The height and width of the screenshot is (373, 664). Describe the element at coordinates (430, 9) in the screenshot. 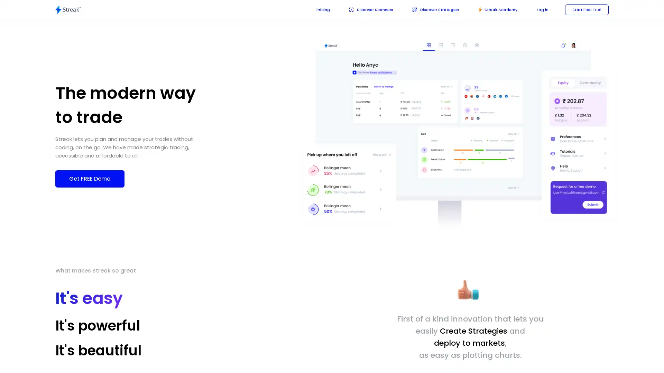

I see `Discover Strategies` at that location.